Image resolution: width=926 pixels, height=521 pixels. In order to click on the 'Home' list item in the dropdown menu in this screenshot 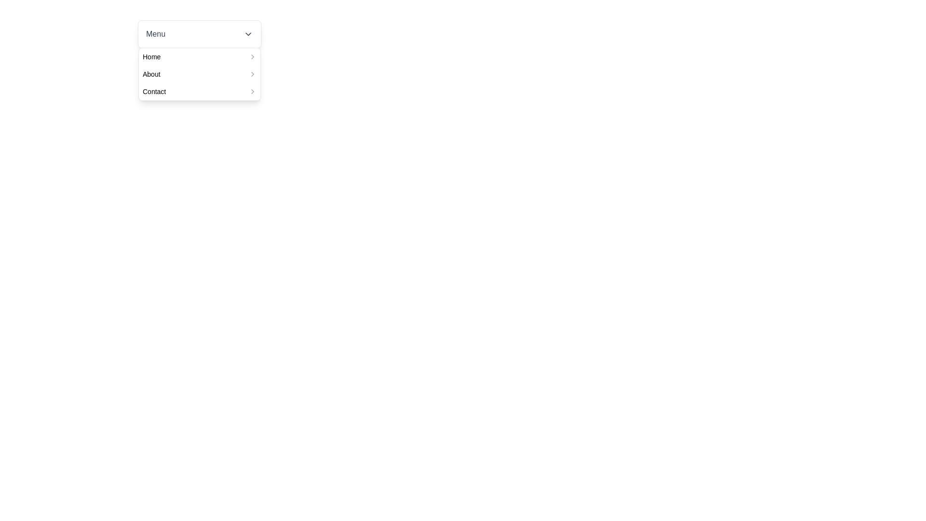, I will do `click(199, 57)`.